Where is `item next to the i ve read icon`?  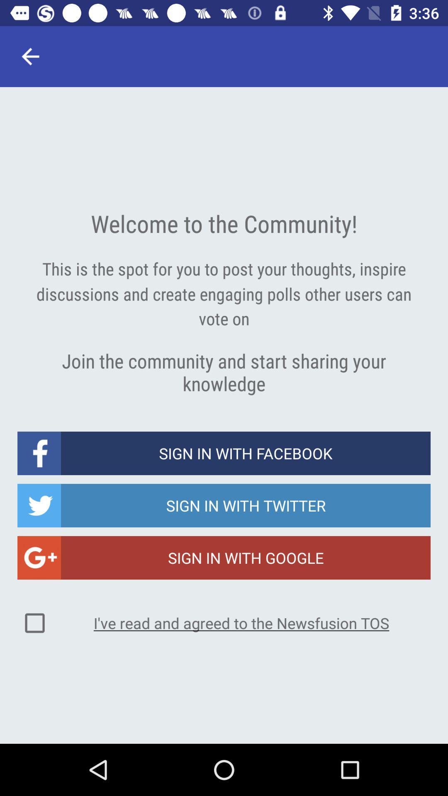 item next to the i ve read icon is located at coordinates (34, 623).